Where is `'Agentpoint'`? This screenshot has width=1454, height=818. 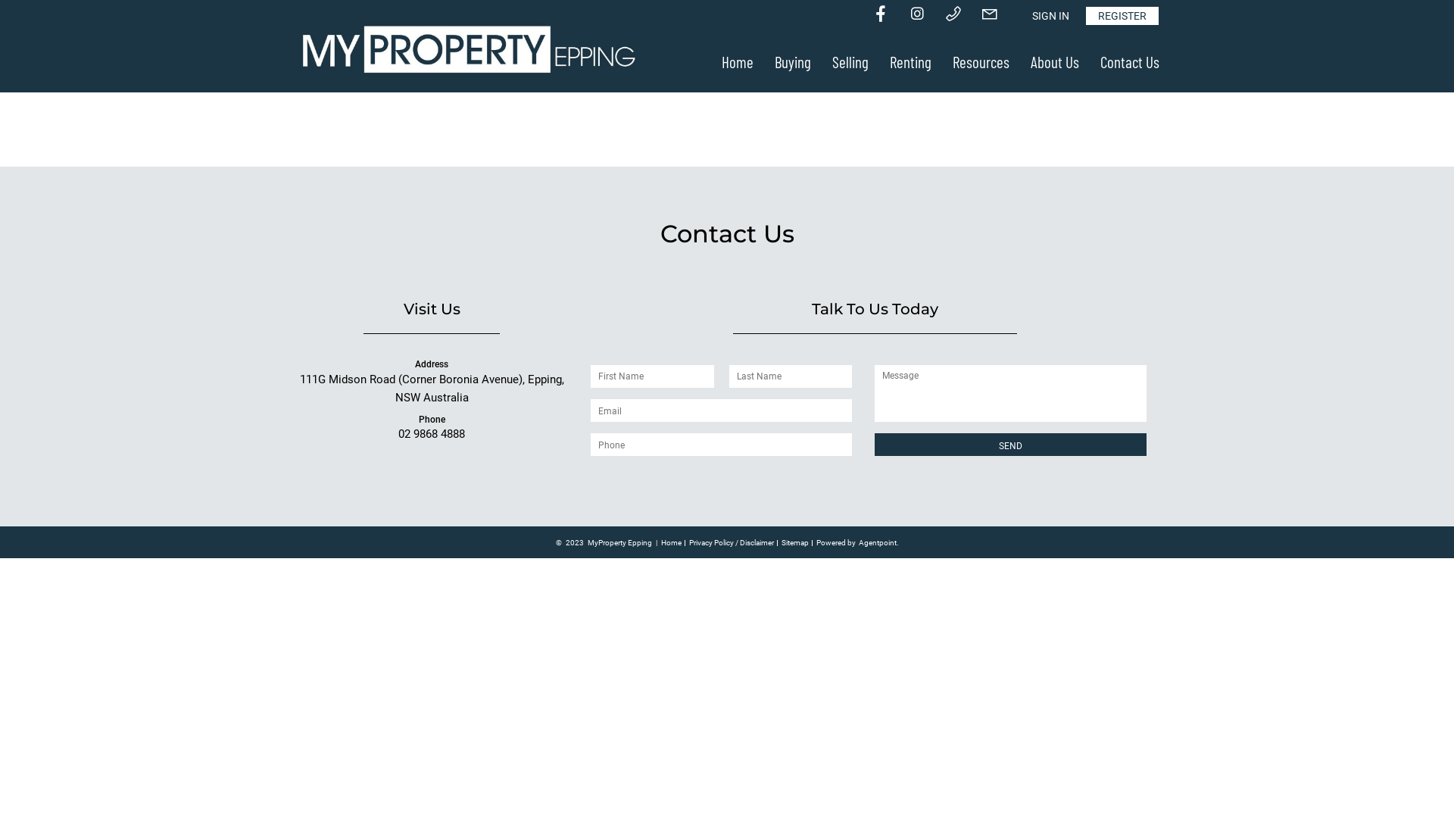
'Agentpoint' is located at coordinates (877, 542).